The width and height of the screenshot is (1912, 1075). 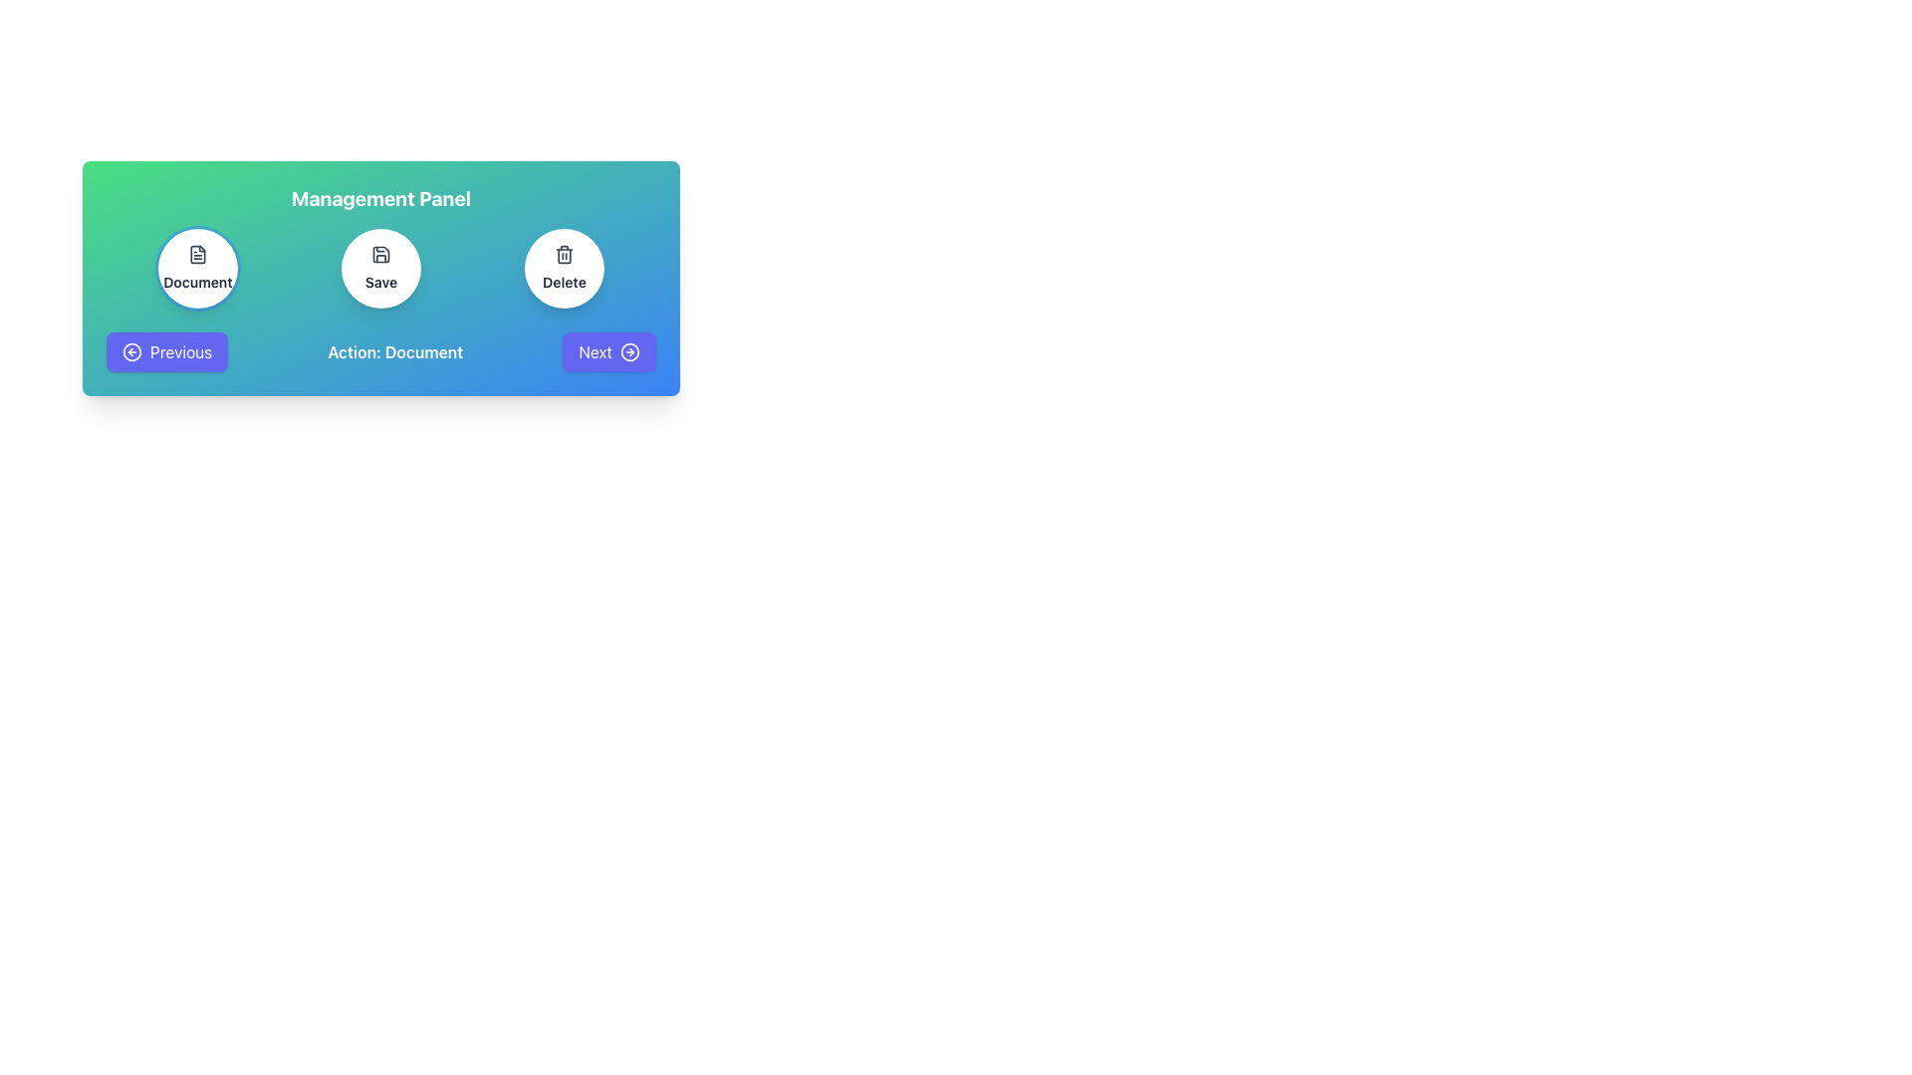 What do you see at coordinates (131, 351) in the screenshot?
I see `the SVG circle graphical element located within the 'Previous' button, which is part of a left-pointing arrow graphic for backward navigation` at bounding box center [131, 351].